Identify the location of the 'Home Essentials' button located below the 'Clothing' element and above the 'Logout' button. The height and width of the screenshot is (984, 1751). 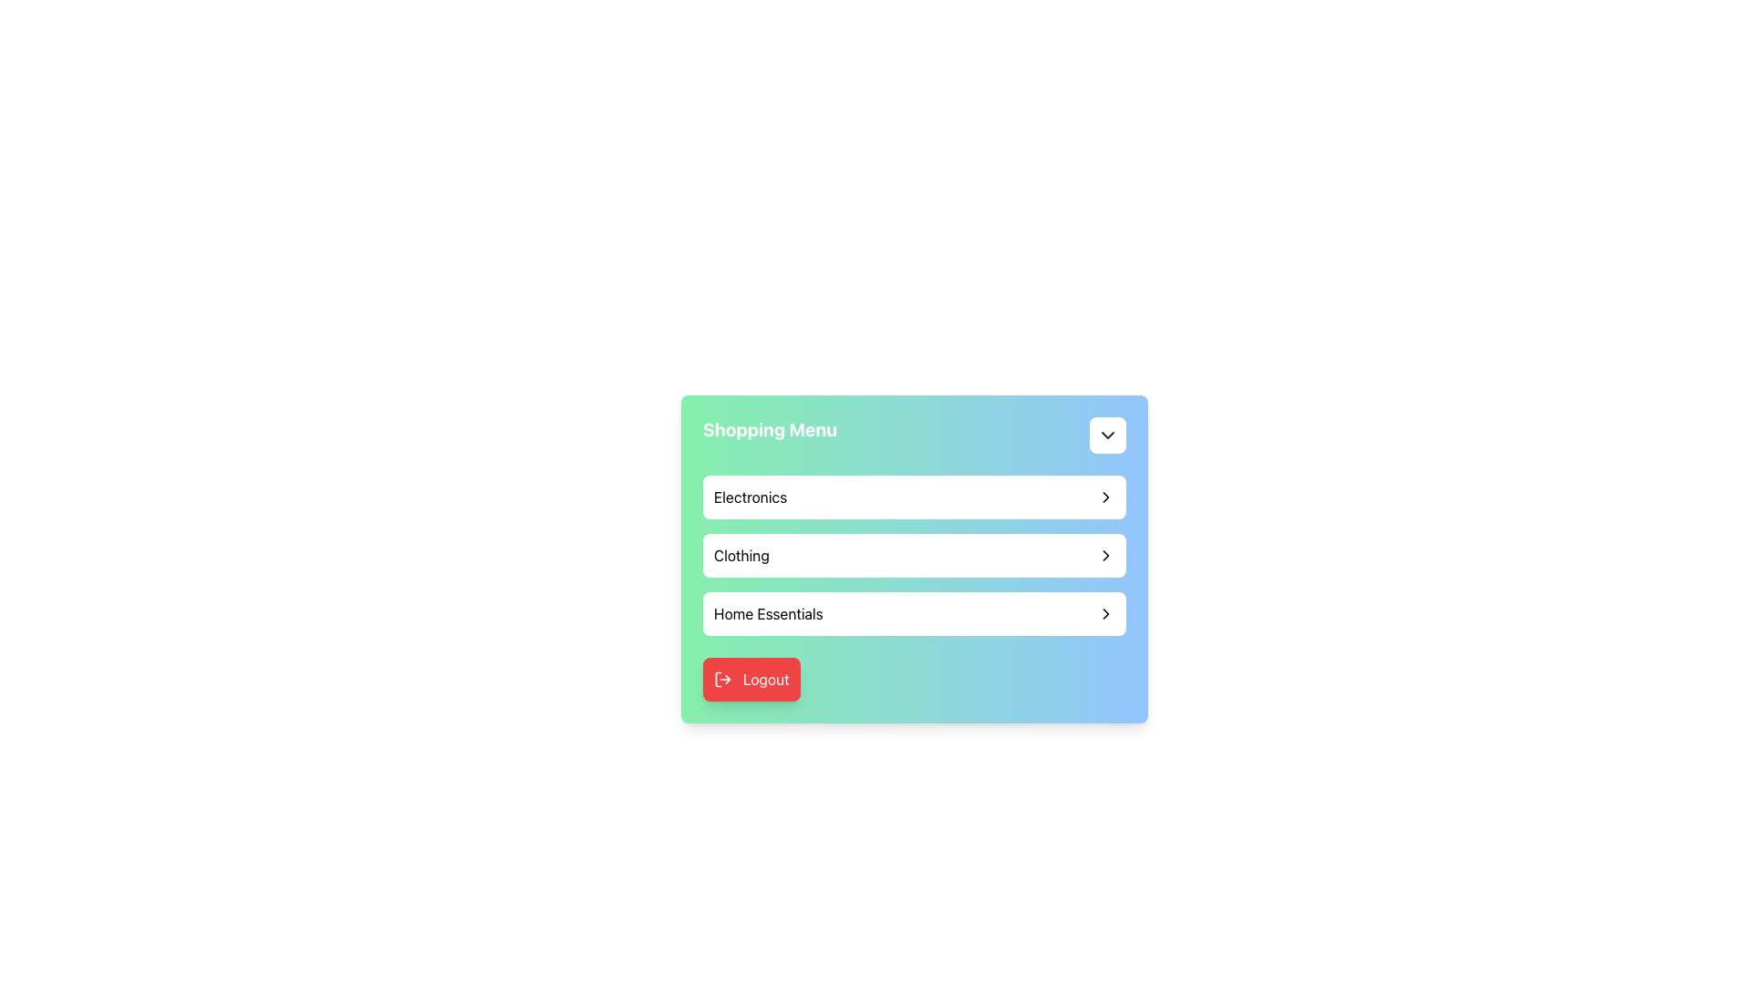
(915, 614).